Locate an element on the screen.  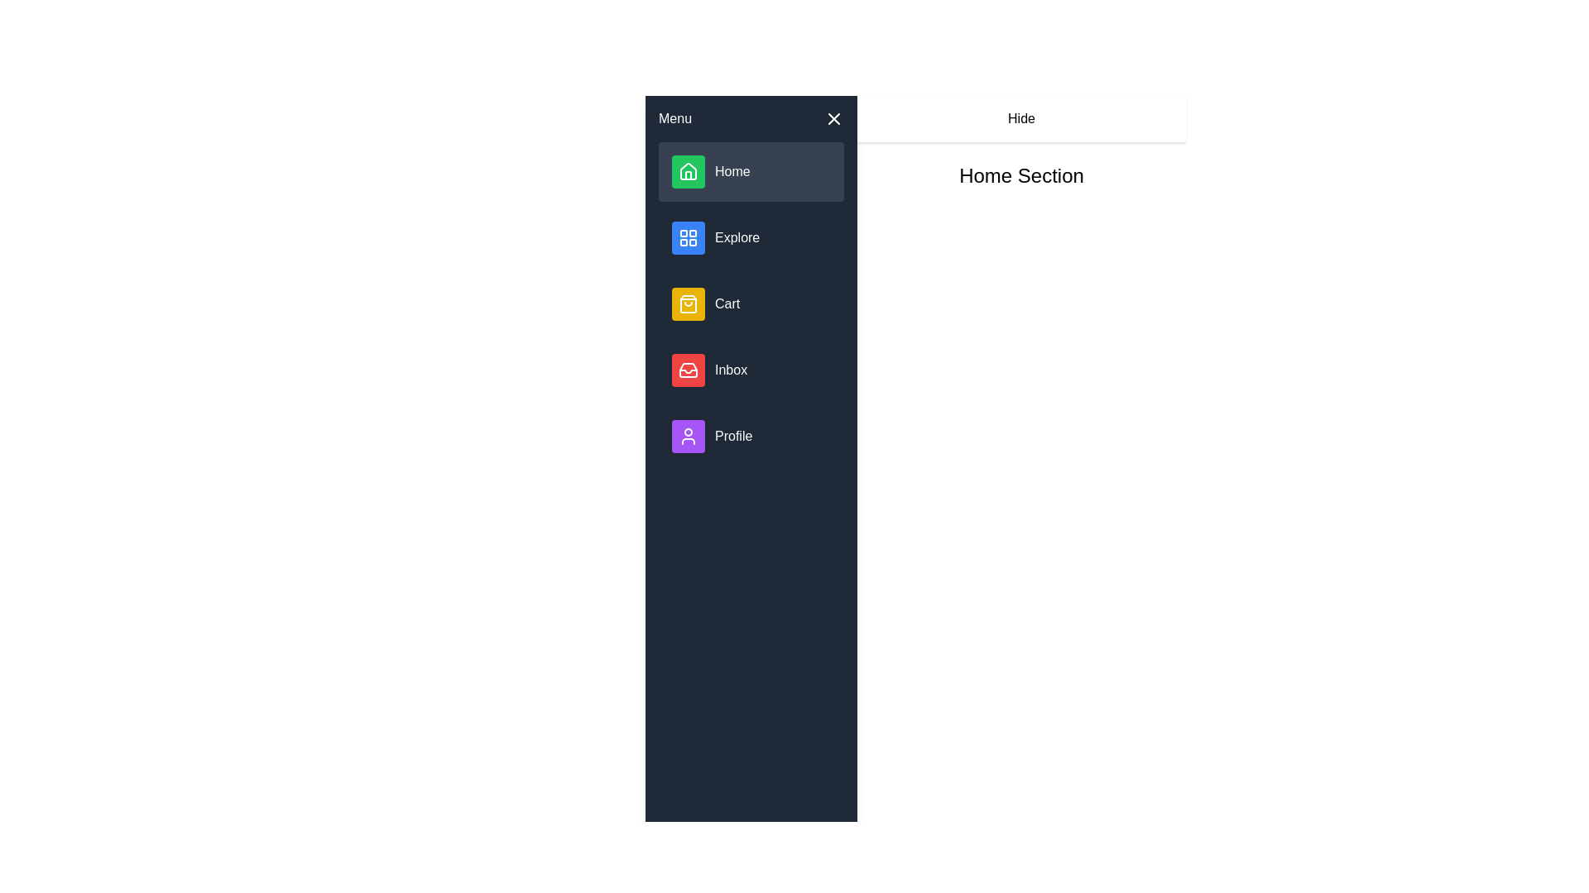
the second grid-style icon is located at coordinates (688, 238).